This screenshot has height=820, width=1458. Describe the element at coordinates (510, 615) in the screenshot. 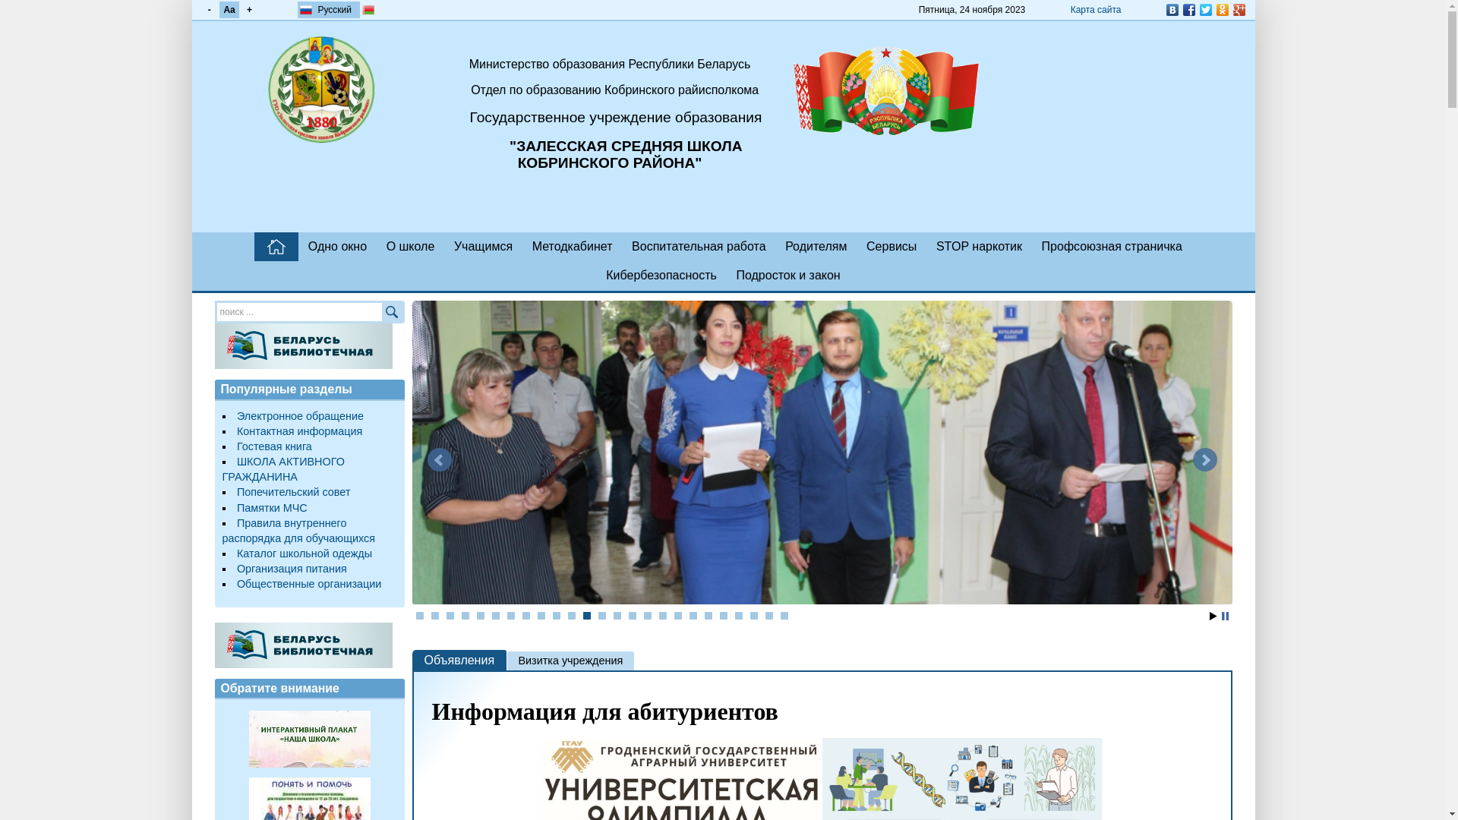

I see `'7'` at that location.